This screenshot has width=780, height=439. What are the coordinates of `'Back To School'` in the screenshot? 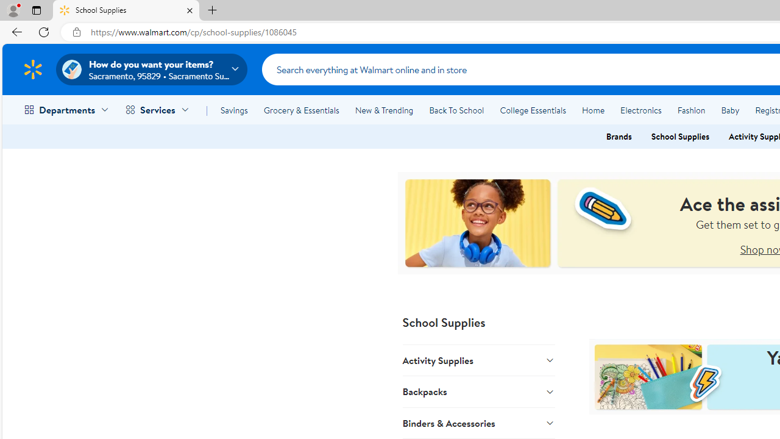 It's located at (456, 110).